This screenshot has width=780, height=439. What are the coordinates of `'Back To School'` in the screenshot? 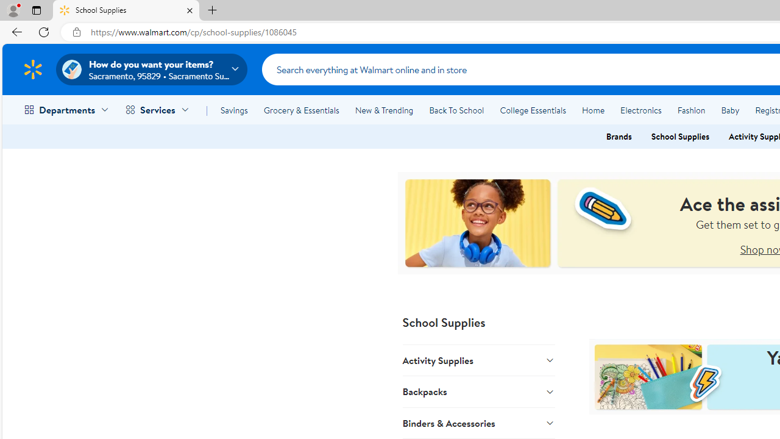 It's located at (456, 110).